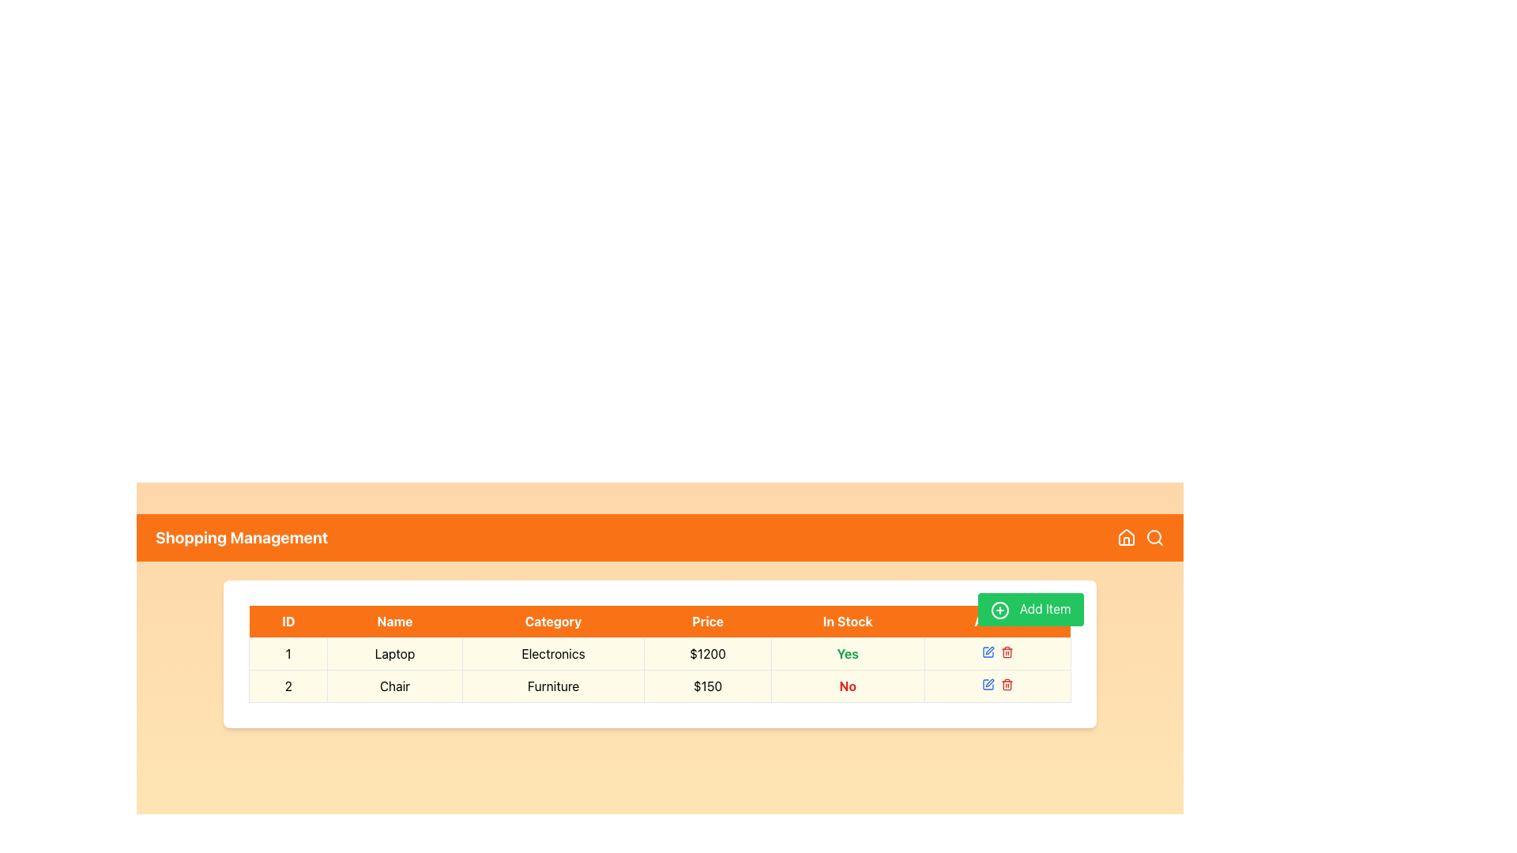 This screenshot has width=1517, height=853. Describe the element at coordinates (1155, 537) in the screenshot. I see `the last icon button` at that location.